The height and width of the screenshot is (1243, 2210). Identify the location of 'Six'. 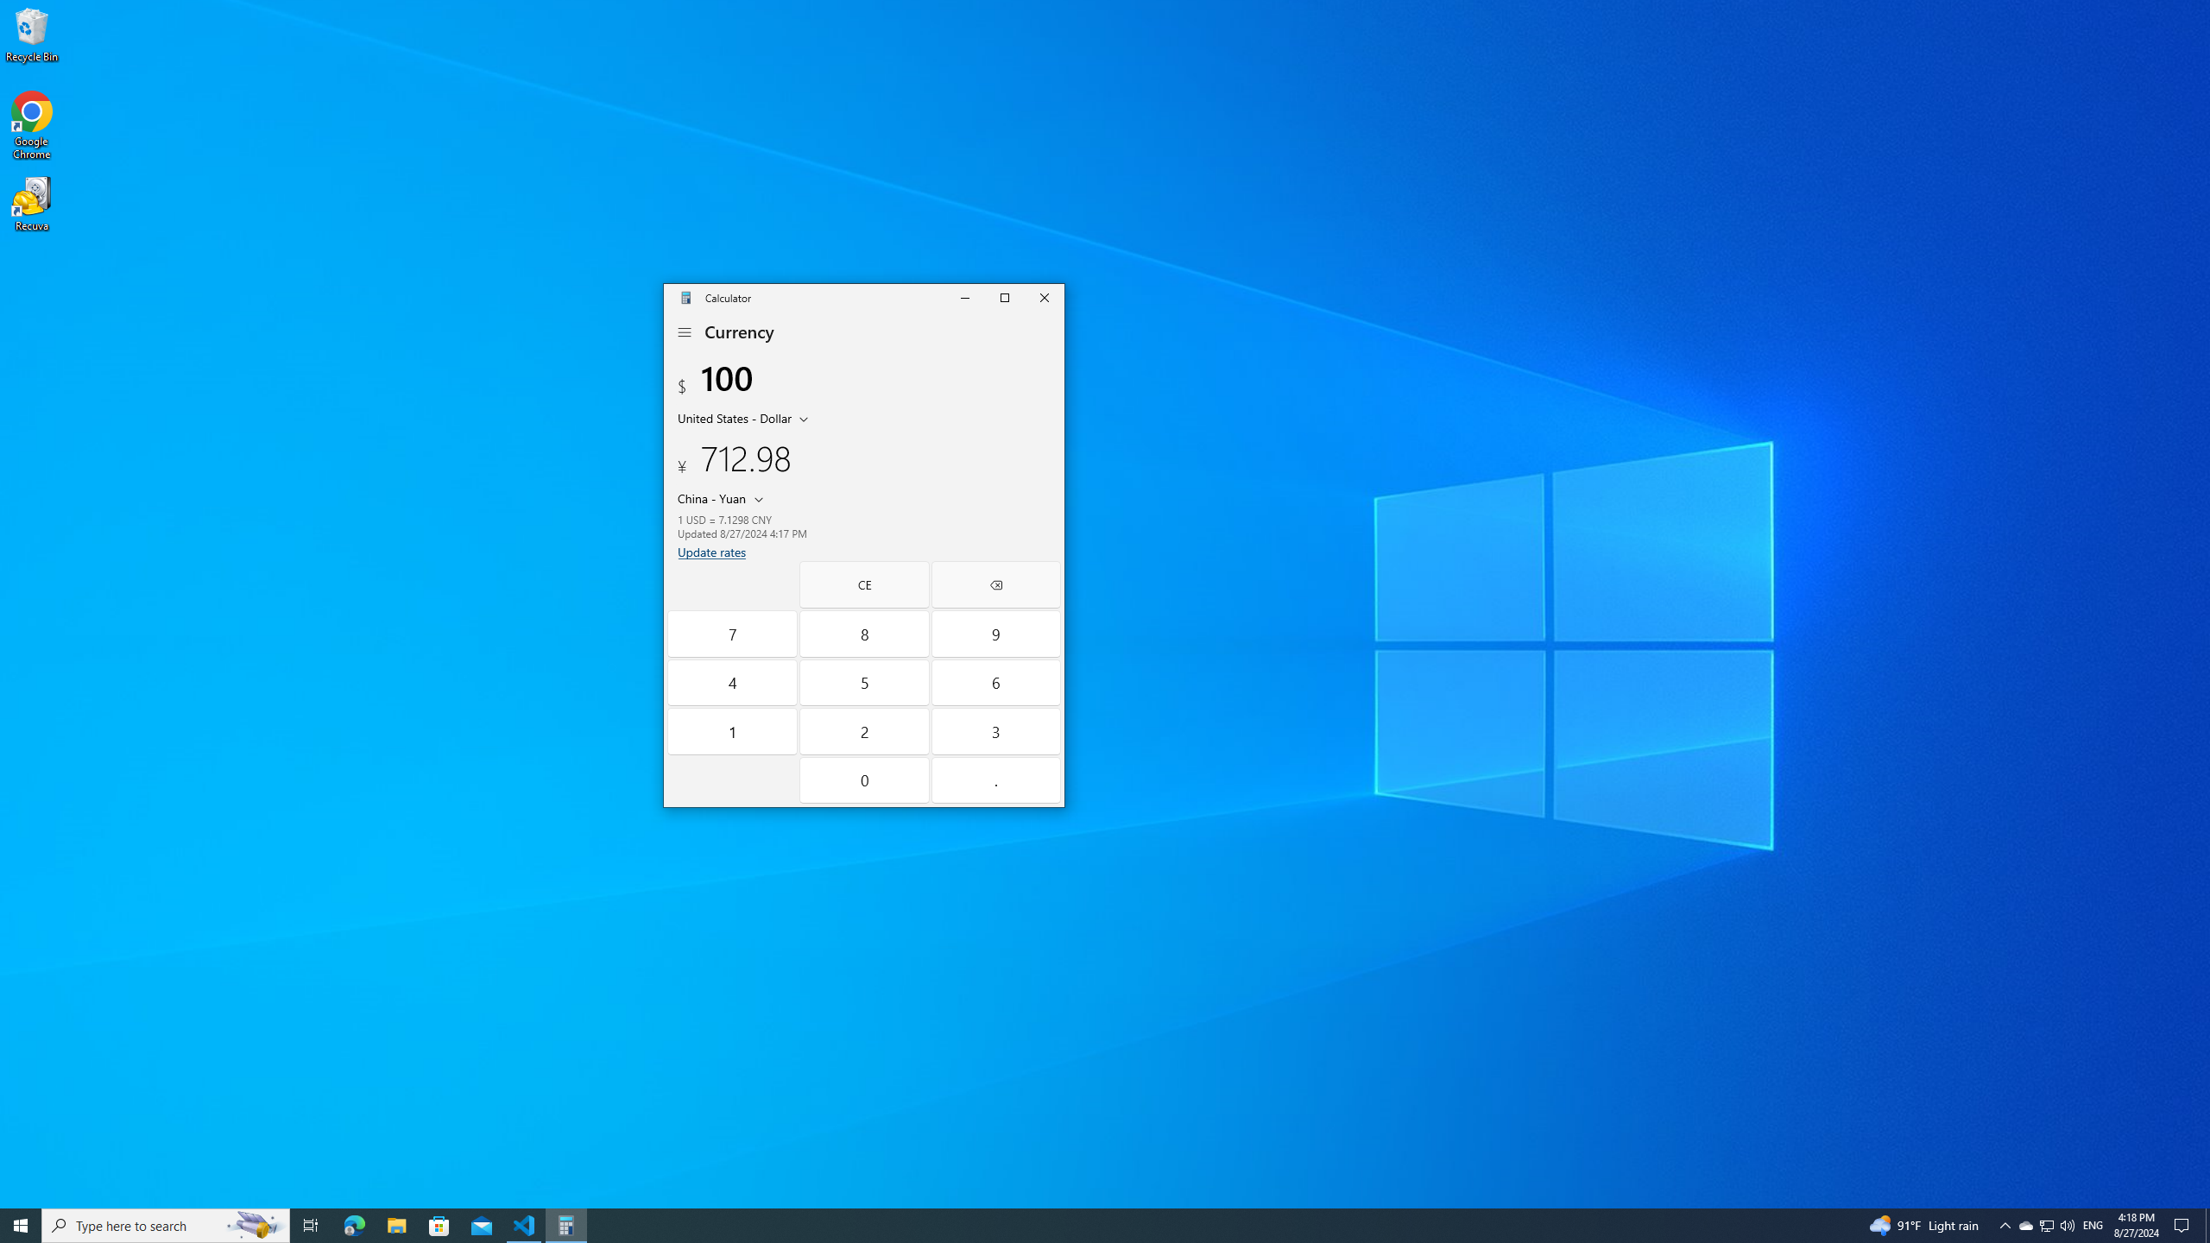
(995, 682).